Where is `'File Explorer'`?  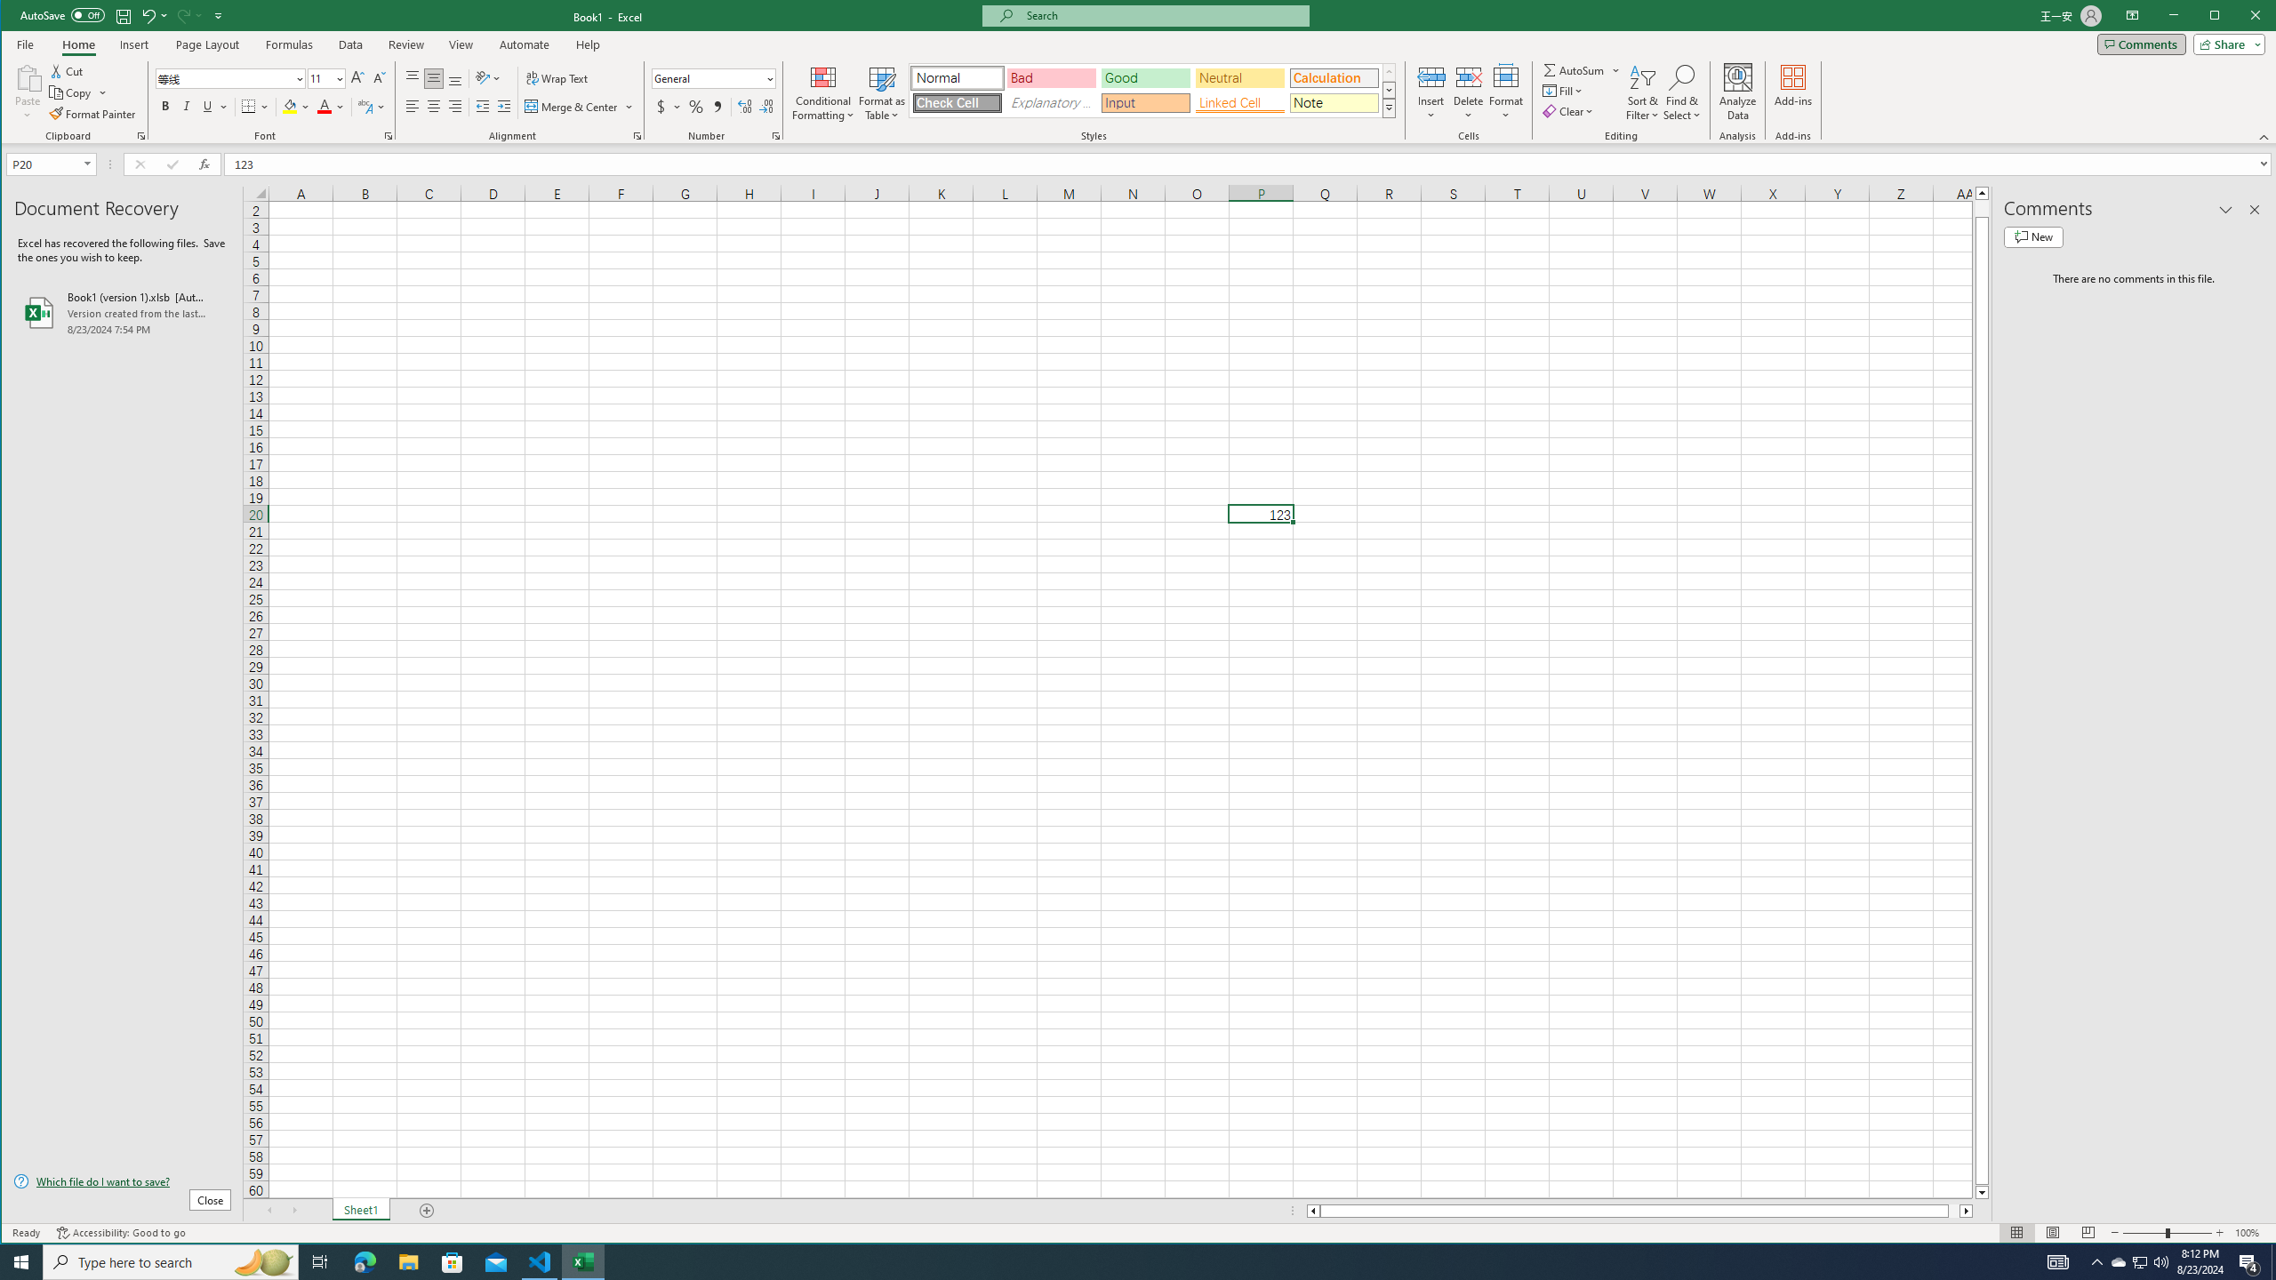
'File Explorer' is located at coordinates (407, 1260).